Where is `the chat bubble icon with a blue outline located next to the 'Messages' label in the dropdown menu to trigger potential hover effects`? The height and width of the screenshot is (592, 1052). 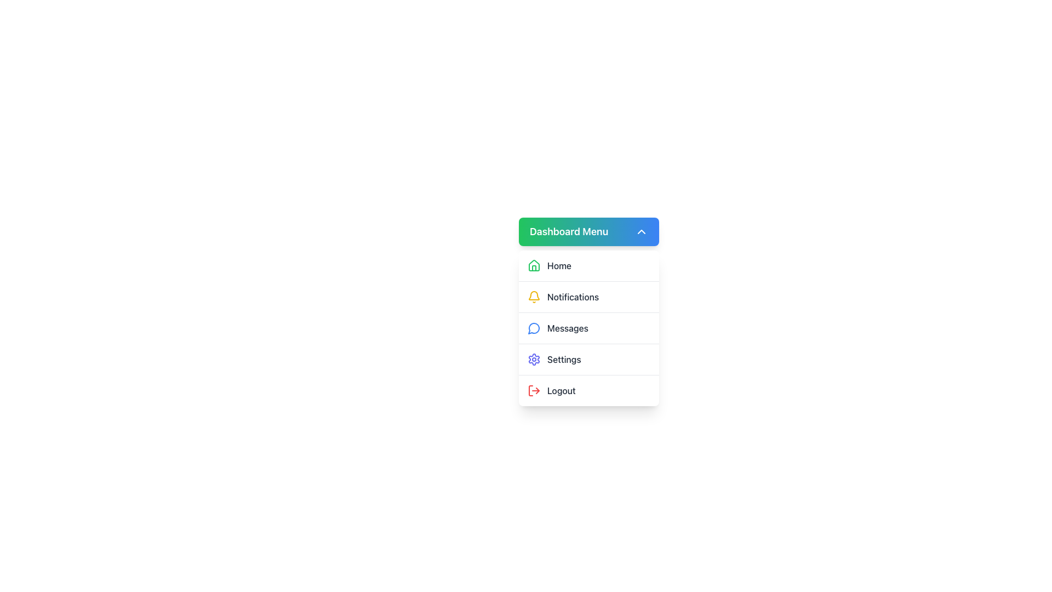 the chat bubble icon with a blue outline located next to the 'Messages' label in the dropdown menu to trigger potential hover effects is located at coordinates (534, 328).